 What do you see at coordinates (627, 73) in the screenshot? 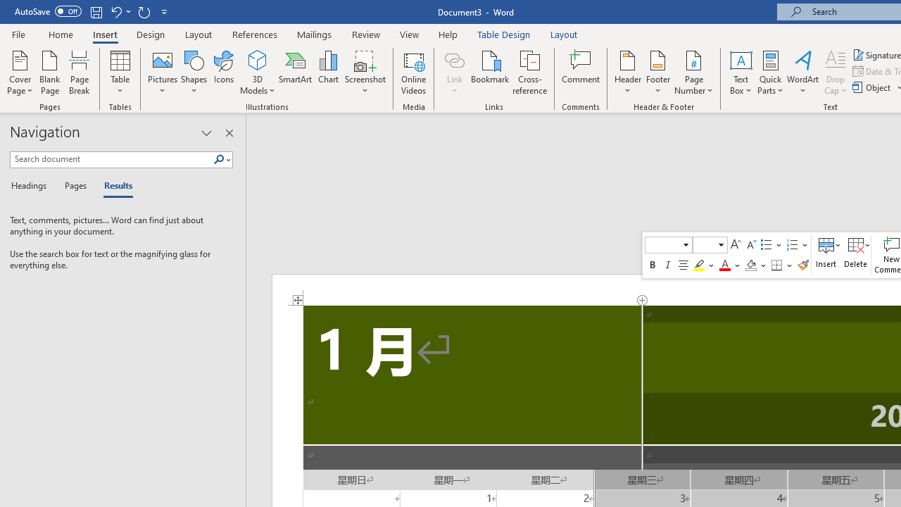
I see `'Header'` at bounding box center [627, 73].